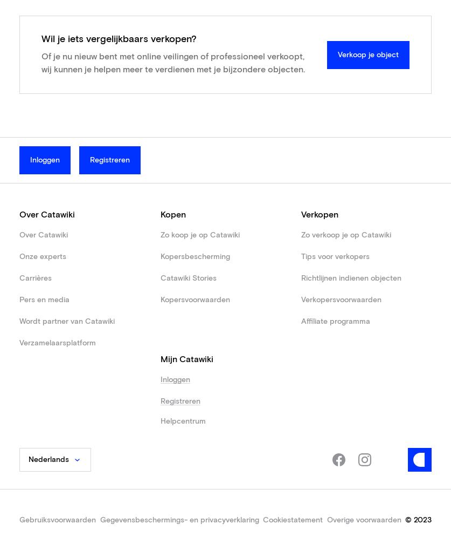 The width and height of the screenshot is (451, 551). Describe the element at coordinates (118, 39) in the screenshot. I see `'Wil je iets vergelijkbaars verkopen?'` at that location.